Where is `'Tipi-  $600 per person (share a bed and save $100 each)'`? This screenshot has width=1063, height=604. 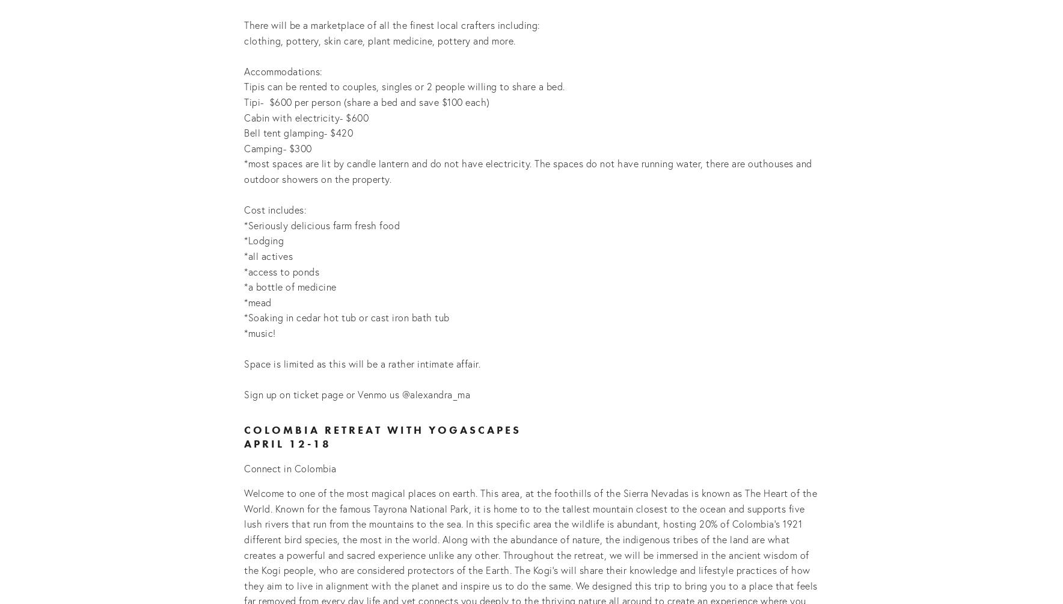
'Tipi-  $600 per person (share a bed and save $100 each)' is located at coordinates (366, 101).